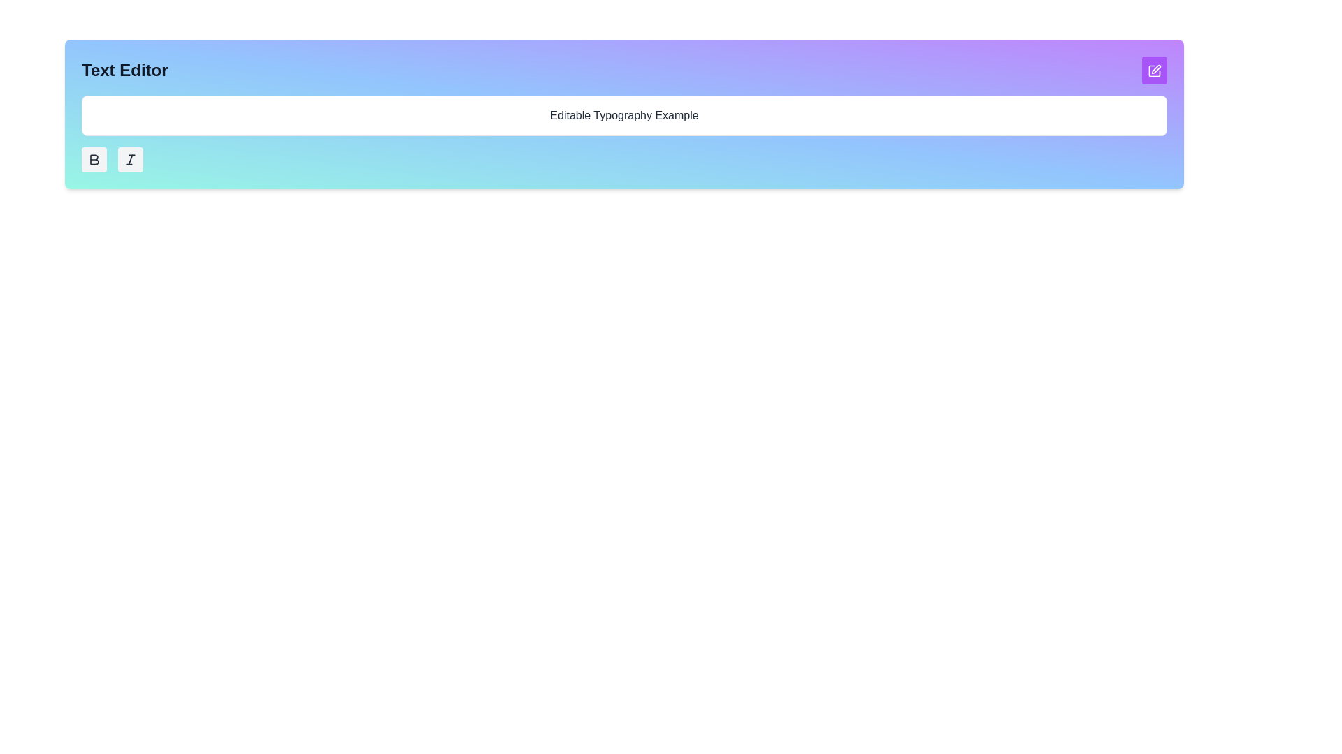  I want to click on on the editing tool icon in the top-right corner of the interface, so click(1156, 69).